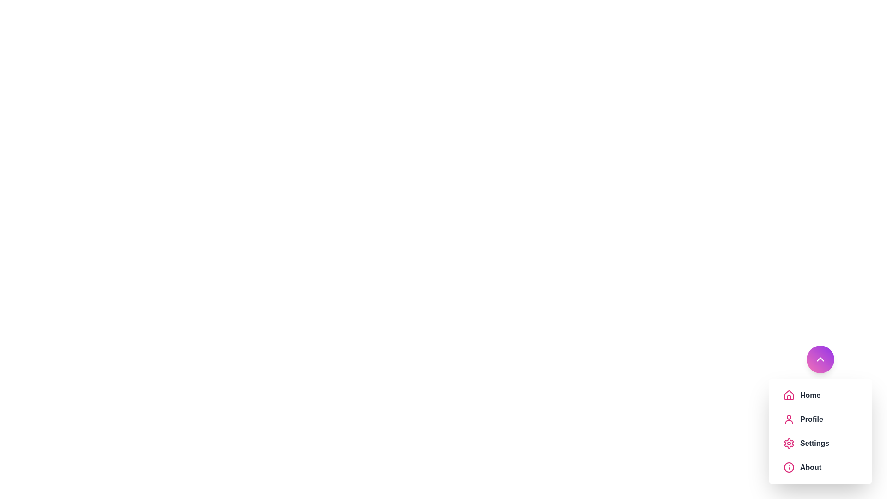 The width and height of the screenshot is (887, 499). I want to click on the menu item labeled 'Settings' to observe the visual feedback, so click(820, 443).